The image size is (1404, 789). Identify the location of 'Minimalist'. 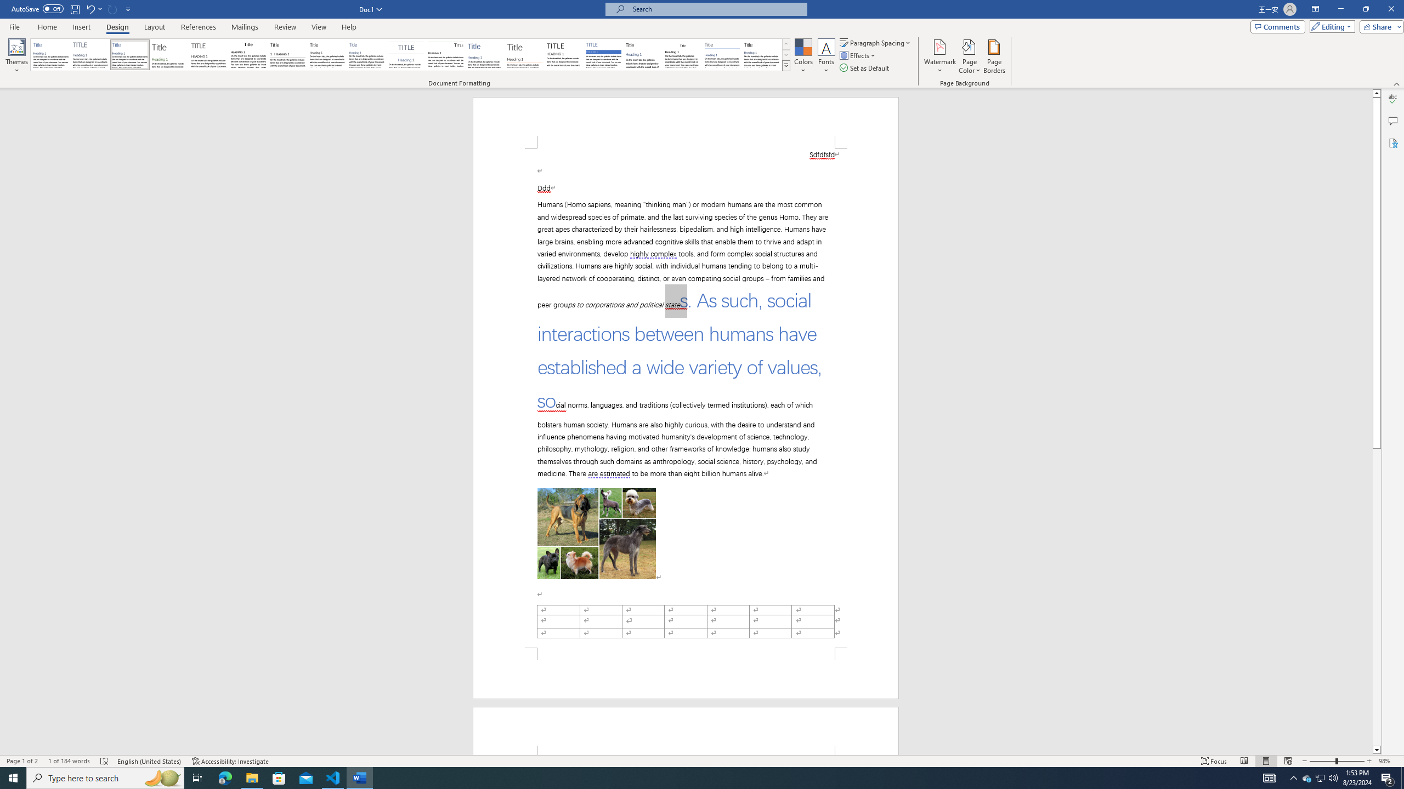
(564, 54).